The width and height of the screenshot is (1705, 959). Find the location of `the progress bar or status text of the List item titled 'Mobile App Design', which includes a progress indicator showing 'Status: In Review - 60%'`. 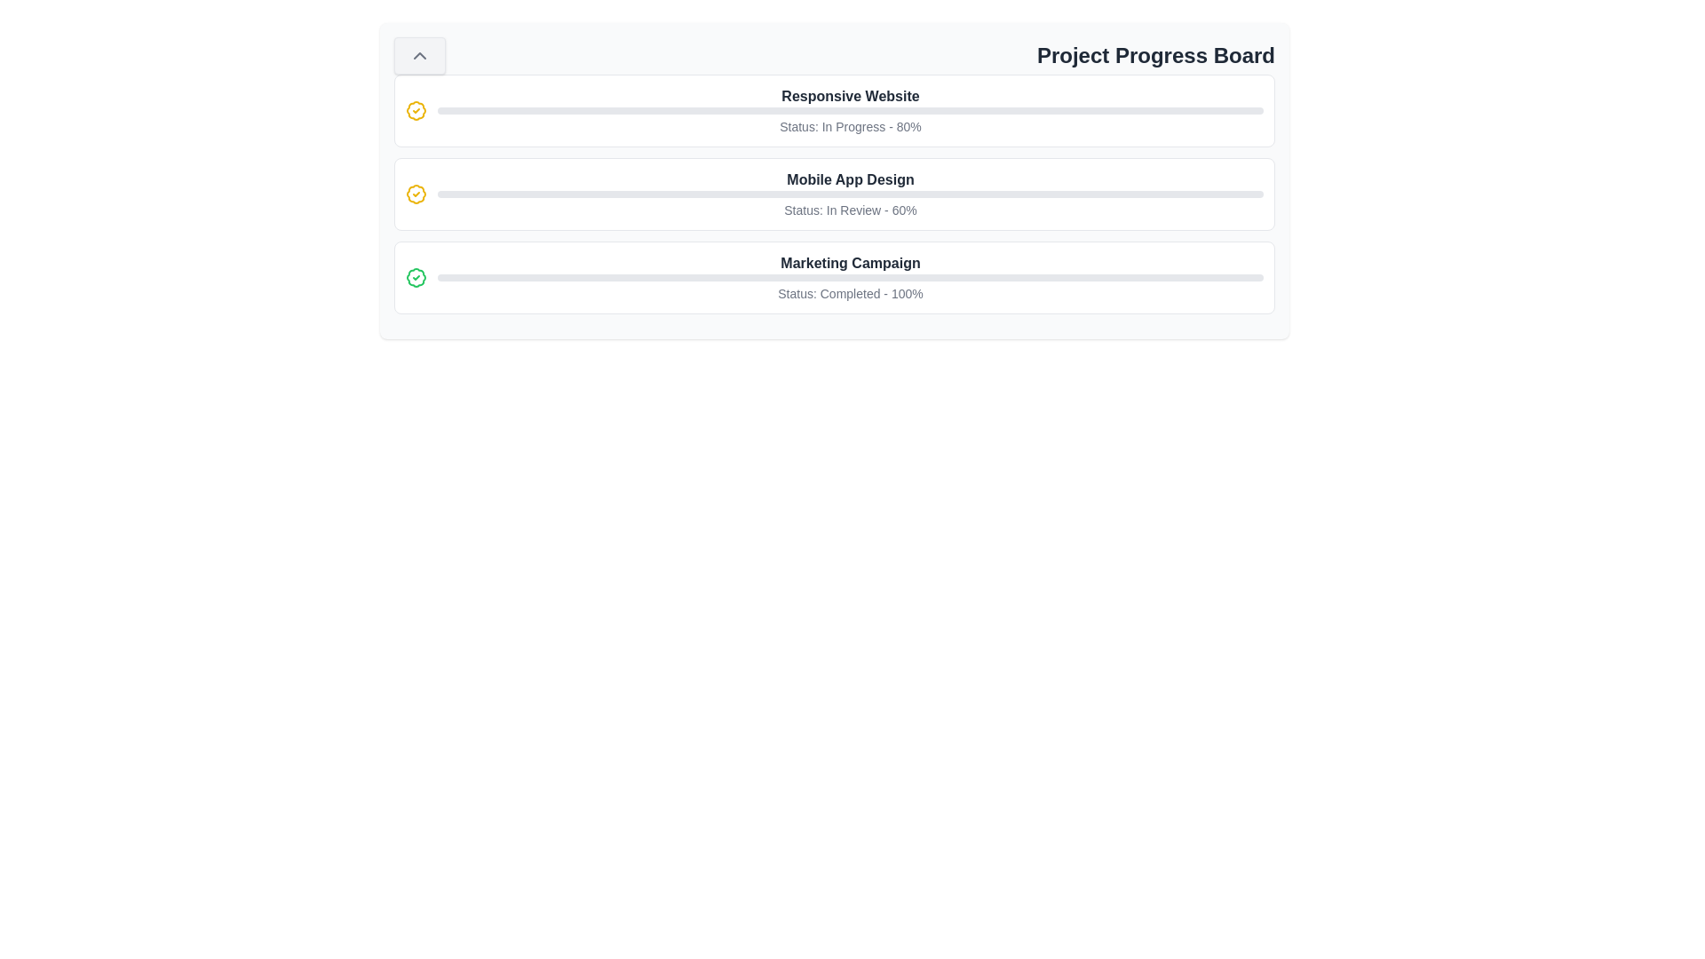

the progress bar or status text of the List item titled 'Mobile App Design', which includes a progress indicator showing 'Status: In Review - 60%' is located at coordinates (850, 194).